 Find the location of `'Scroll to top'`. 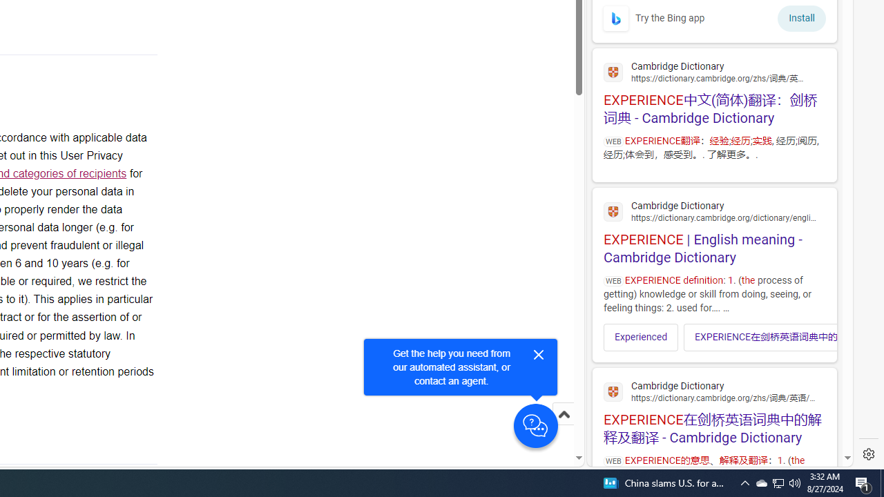

'Scroll to top' is located at coordinates (564, 428).